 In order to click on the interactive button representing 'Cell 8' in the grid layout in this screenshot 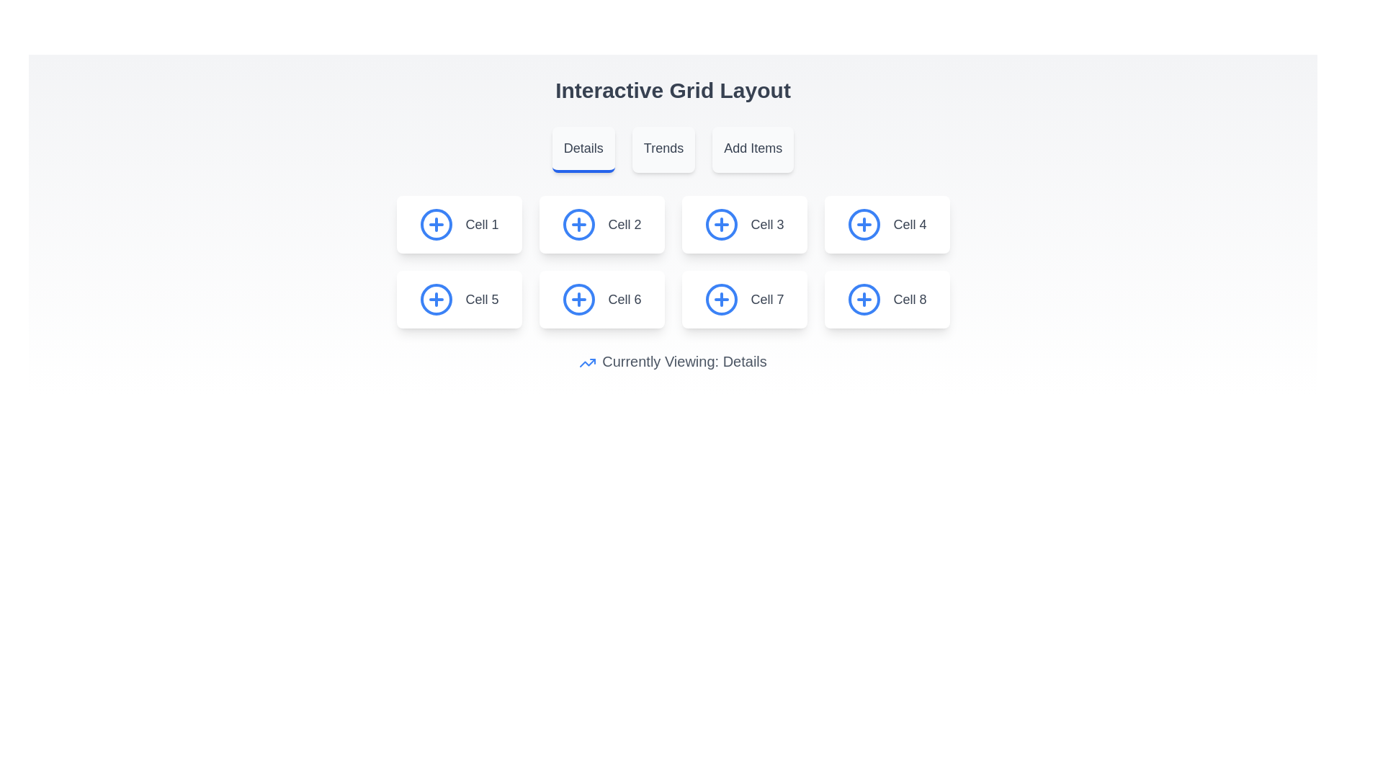, I will do `click(886, 299)`.